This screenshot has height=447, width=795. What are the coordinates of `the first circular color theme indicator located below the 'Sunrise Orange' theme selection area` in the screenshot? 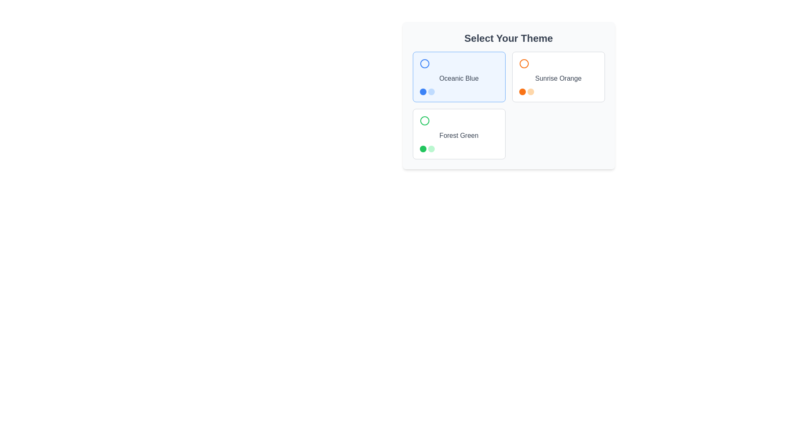 It's located at (522, 92).